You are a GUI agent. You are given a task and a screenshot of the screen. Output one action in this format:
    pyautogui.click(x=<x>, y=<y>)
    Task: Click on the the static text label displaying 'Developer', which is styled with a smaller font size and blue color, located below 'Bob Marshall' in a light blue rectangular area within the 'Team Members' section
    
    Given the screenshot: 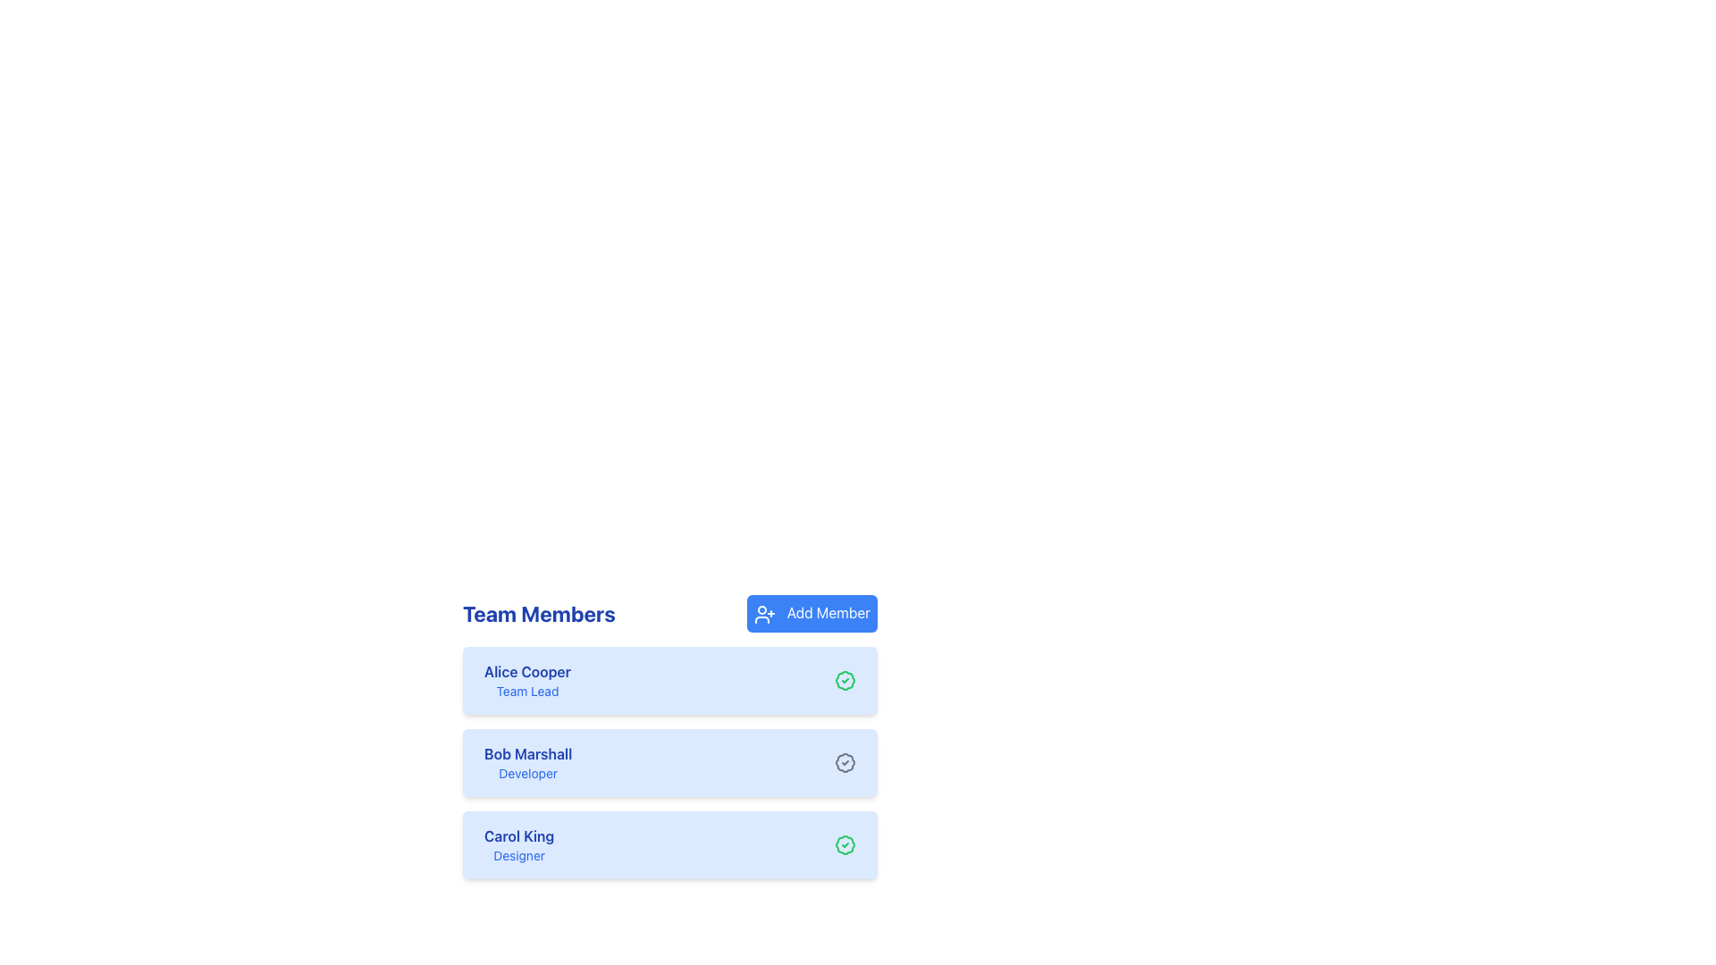 What is the action you would take?
    pyautogui.click(x=527, y=772)
    